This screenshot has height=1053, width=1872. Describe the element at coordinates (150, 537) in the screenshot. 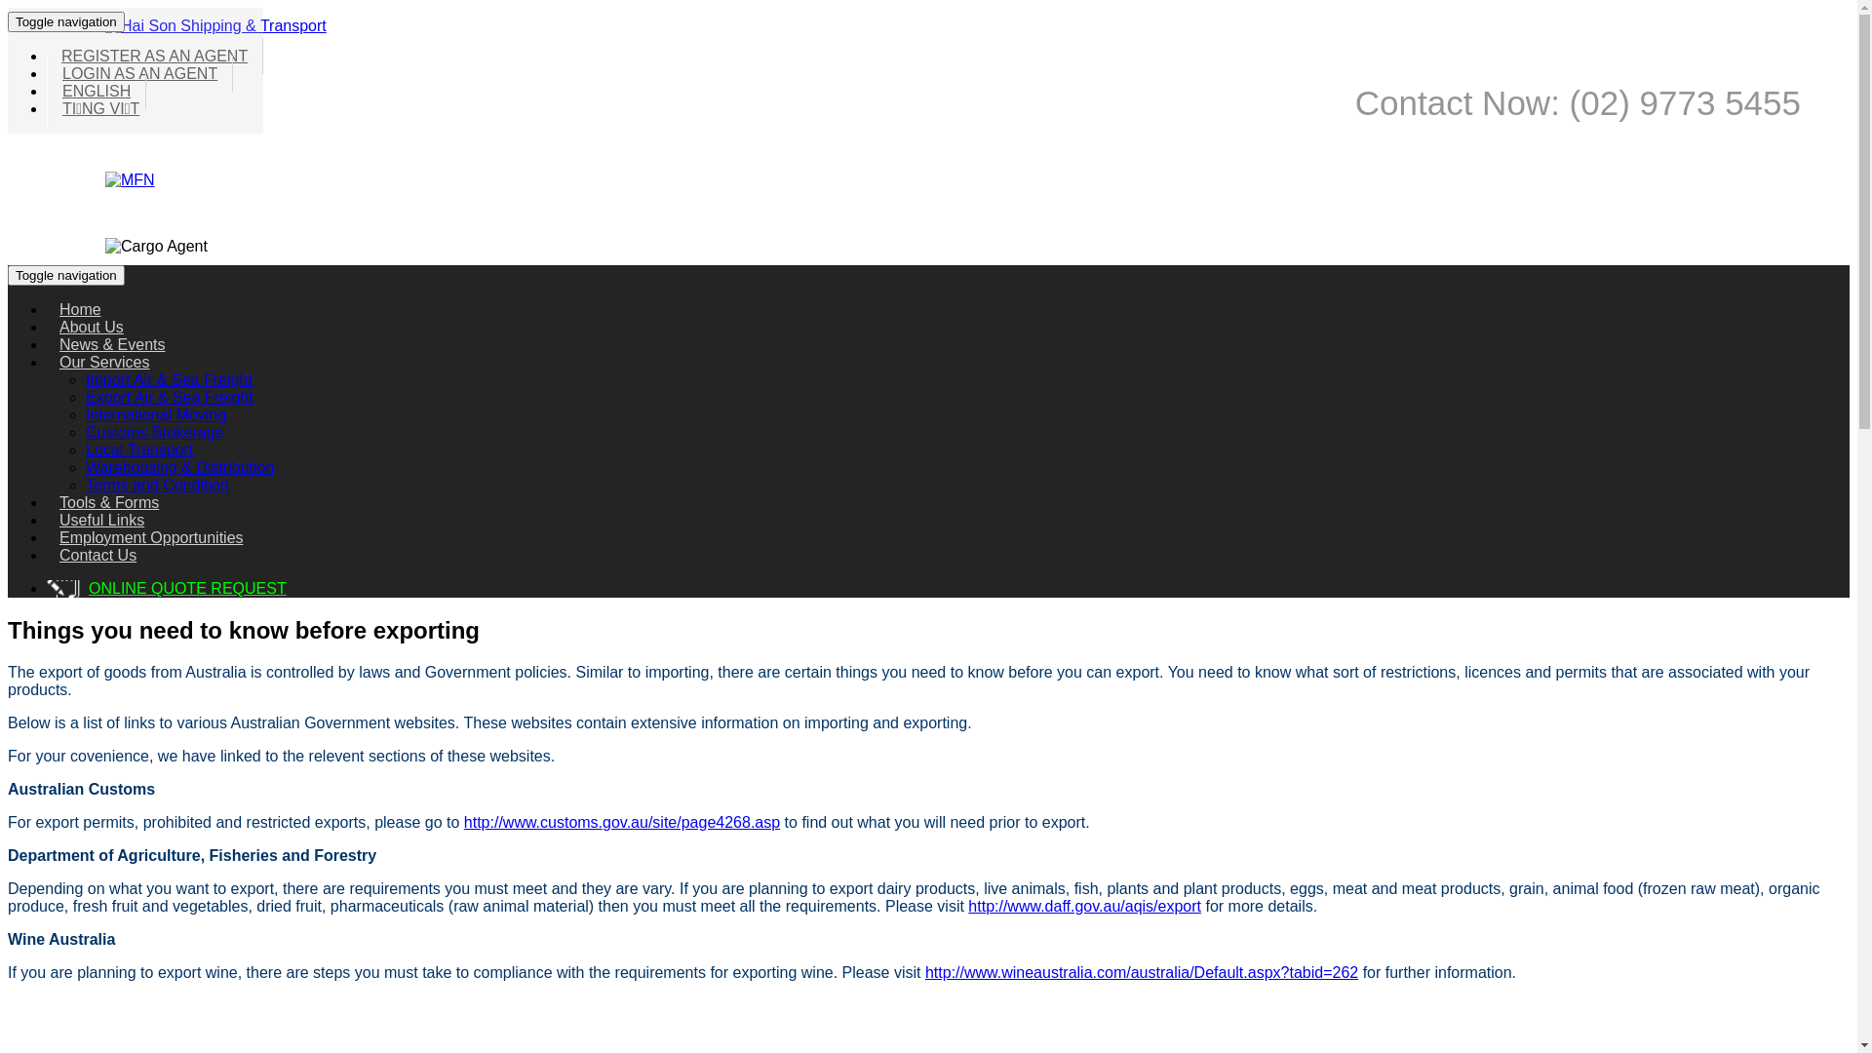

I see `'Employment Opportunities'` at that location.